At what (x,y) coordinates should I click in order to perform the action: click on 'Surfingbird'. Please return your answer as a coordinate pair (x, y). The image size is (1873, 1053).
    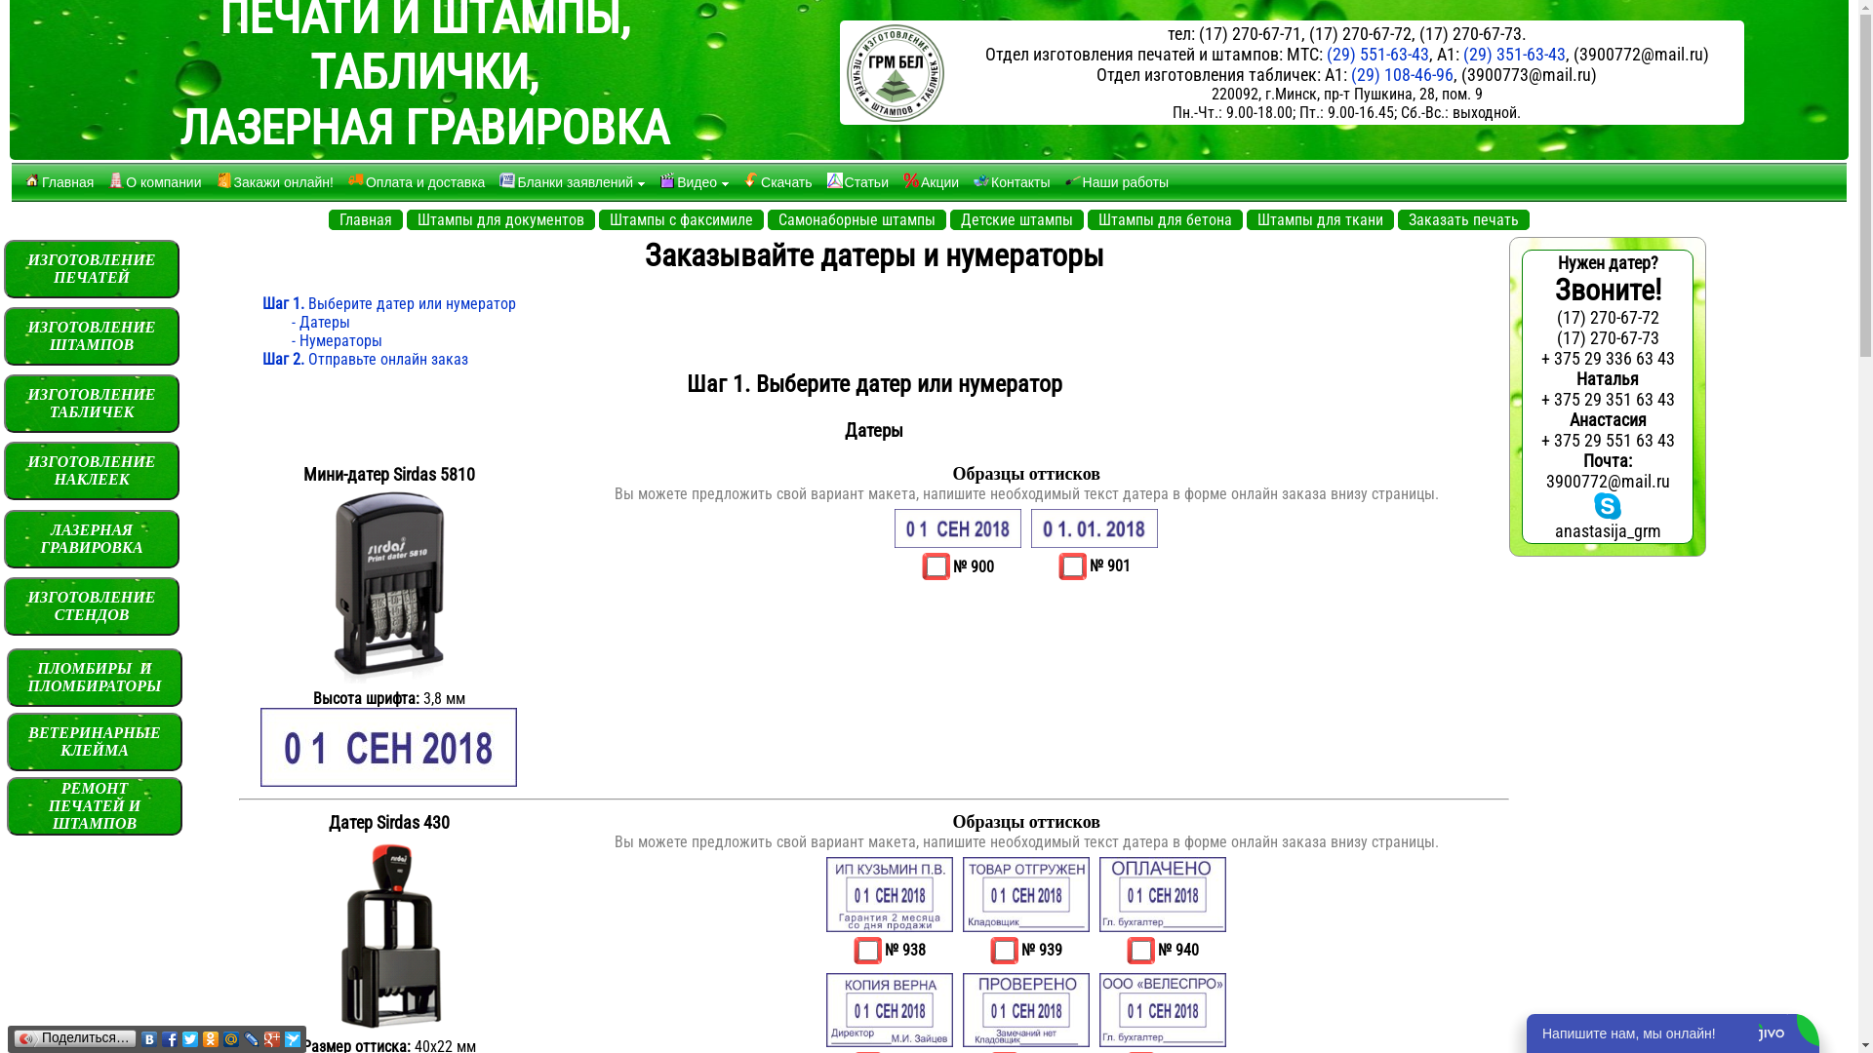
    Looking at the image, I should click on (292, 1037).